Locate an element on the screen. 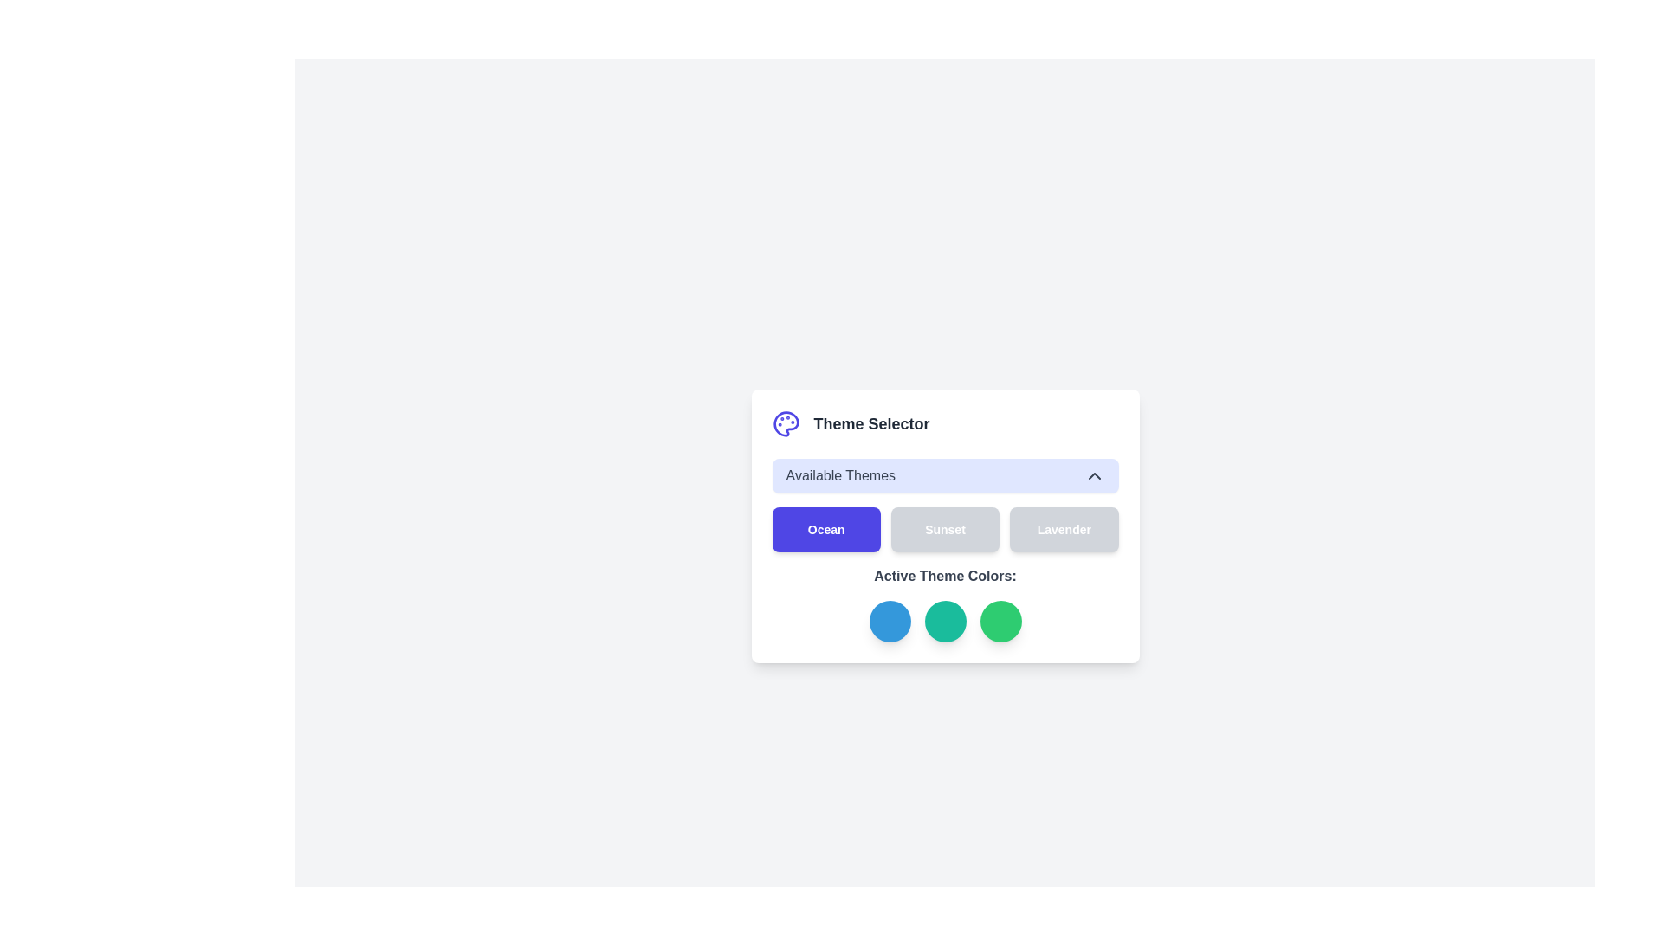 The width and height of the screenshot is (1663, 935). the 'Lavender' button, which is the rightmost button in the 'Available Themes' section is located at coordinates (1063, 529).